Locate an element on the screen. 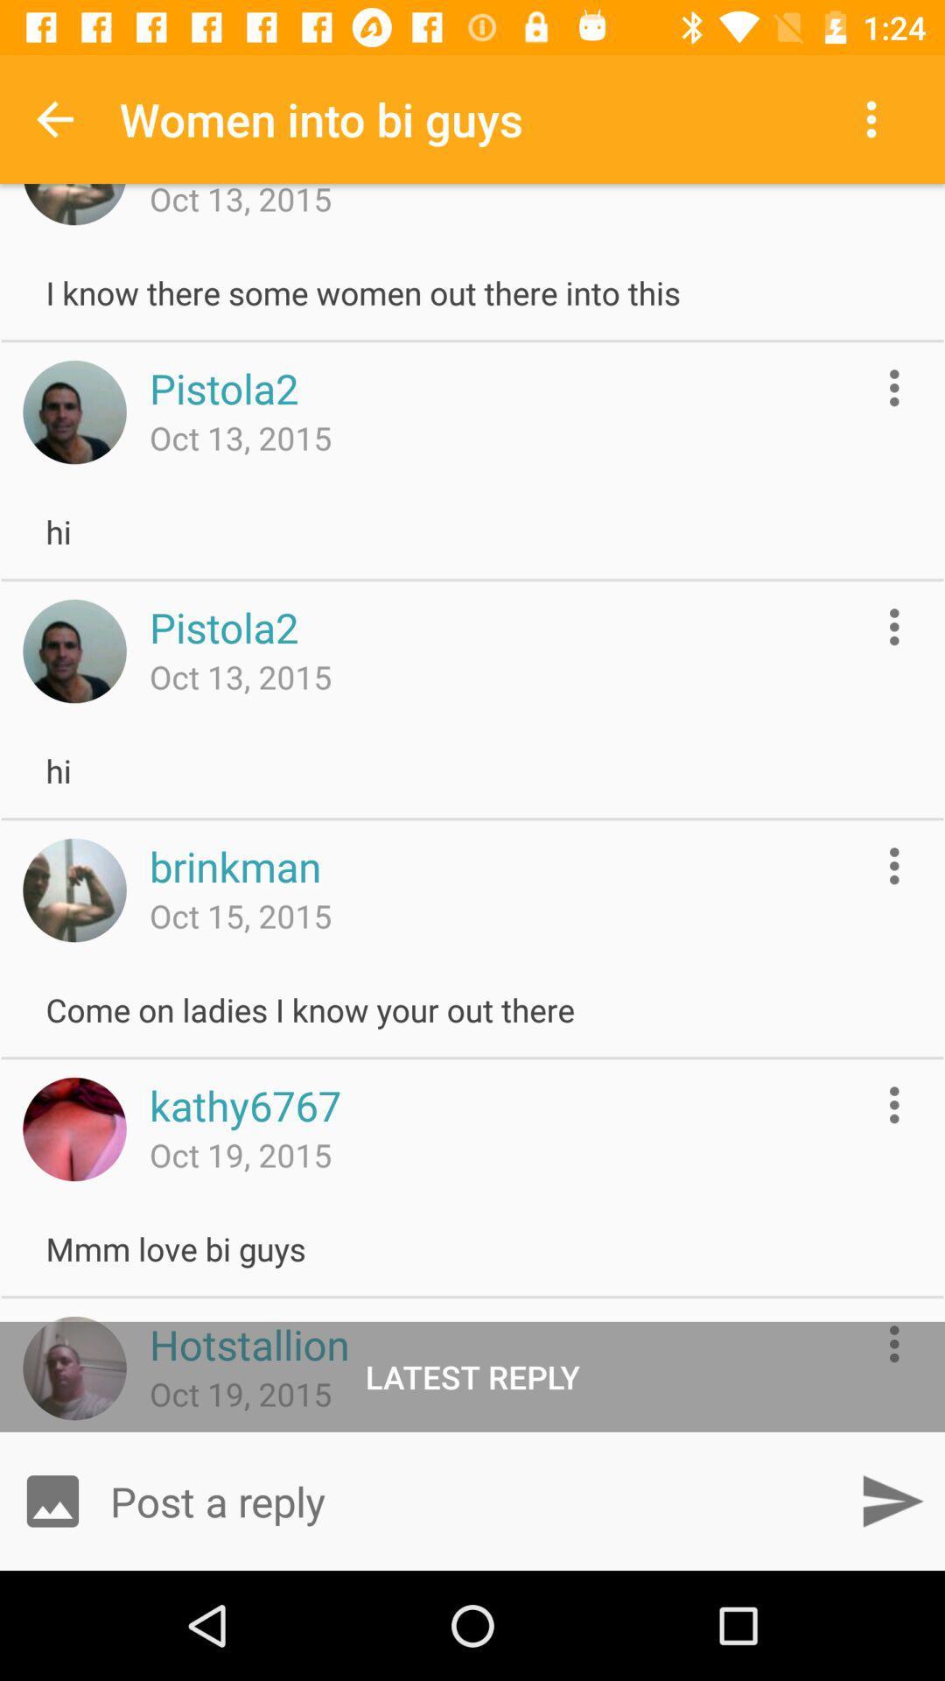 The image size is (945, 1681). option/settings is located at coordinates (894, 866).